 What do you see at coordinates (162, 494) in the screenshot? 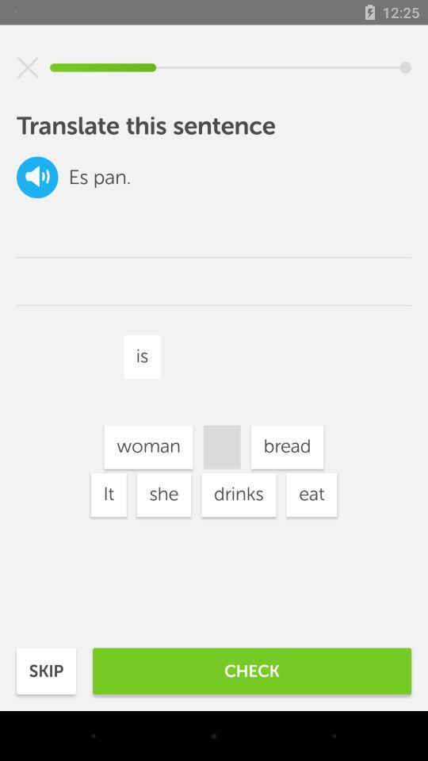
I see `she icon` at bounding box center [162, 494].